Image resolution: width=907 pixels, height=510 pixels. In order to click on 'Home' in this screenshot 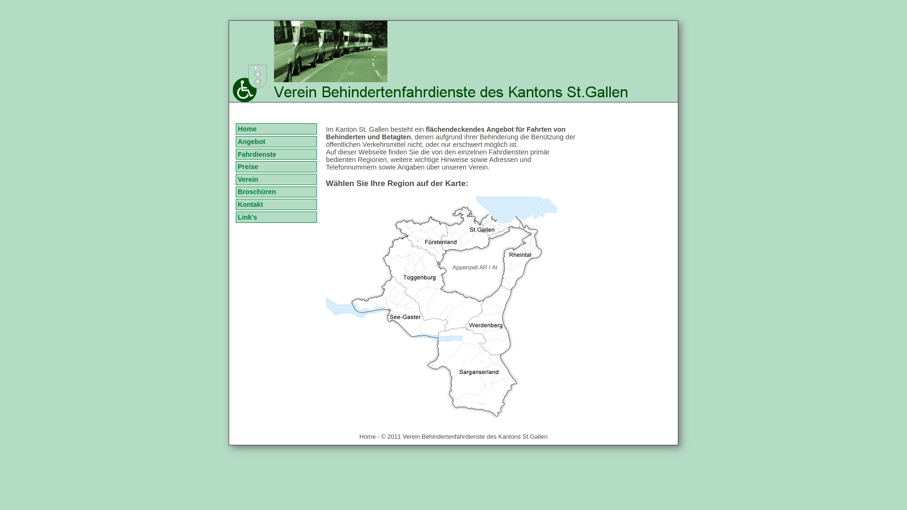, I will do `click(275, 129)`.